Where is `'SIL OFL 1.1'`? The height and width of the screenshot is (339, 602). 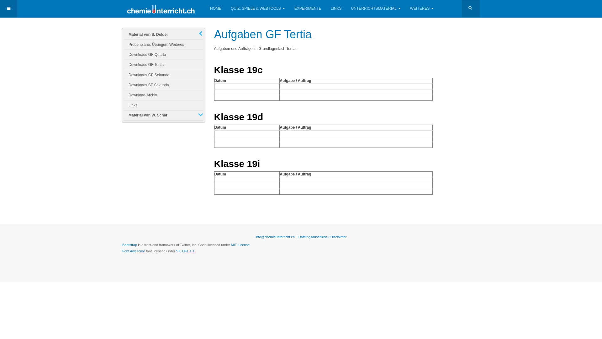
'SIL OFL 1.1' is located at coordinates (185, 250).